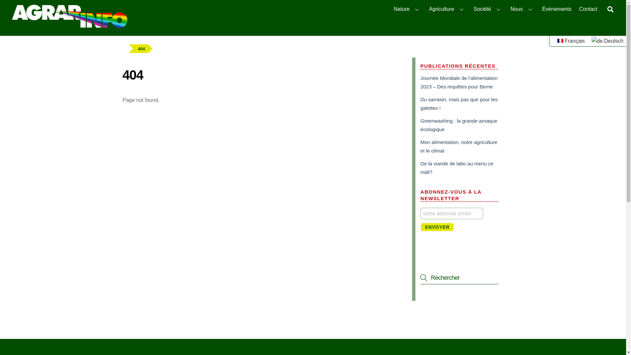 The width and height of the screenshot is (631, 355). What do you see at coordinates (459, 277) in the screenshot?
I see `'Rechercher'` at bounding box center [459, 277].